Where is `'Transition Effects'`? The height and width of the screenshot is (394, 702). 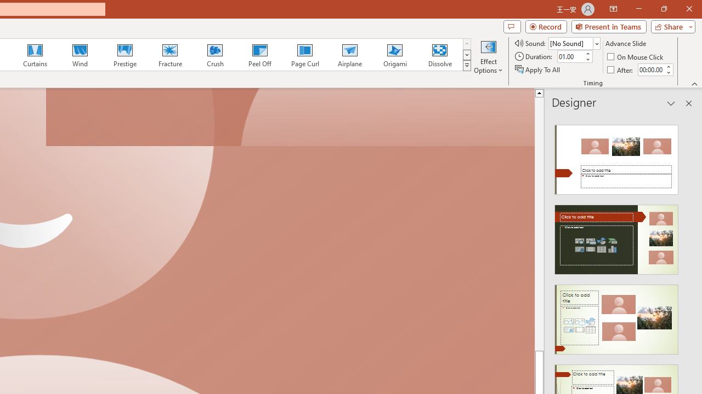
'Transition Effects' is located at coordinates (467, 66).